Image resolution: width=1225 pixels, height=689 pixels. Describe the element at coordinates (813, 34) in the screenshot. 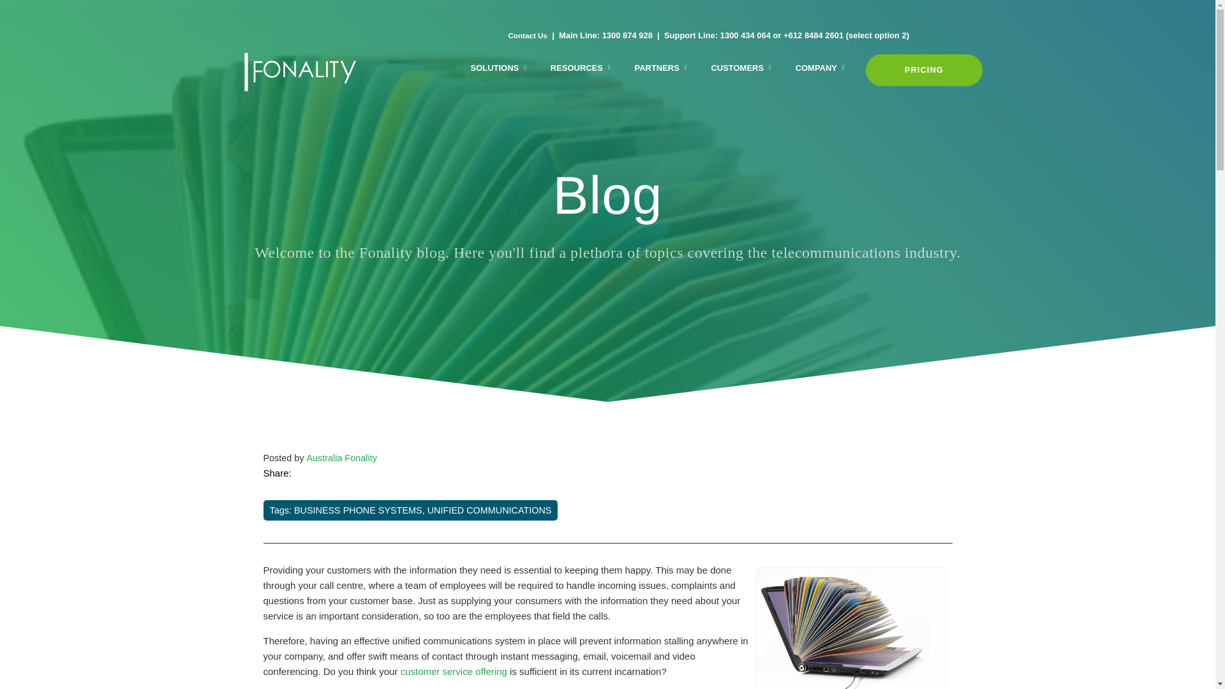

I see `'+612 8484 2601'` at that location.